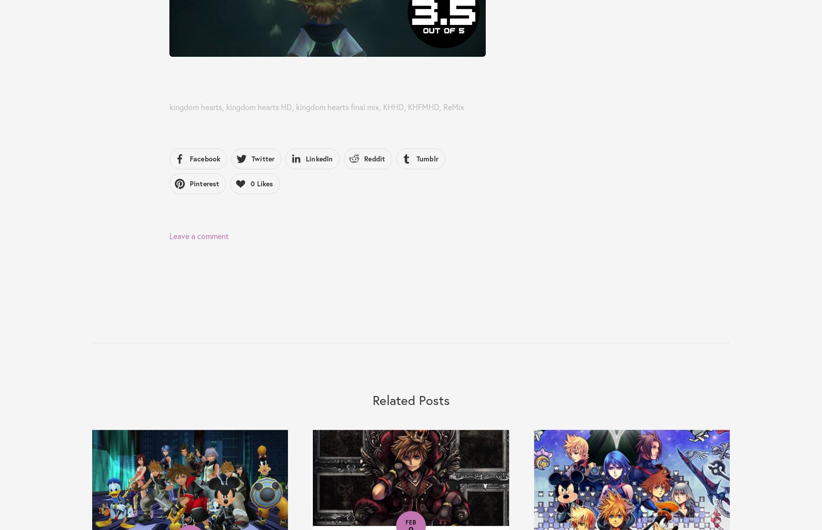 The height and width of the screenshot is (530, 822). What do you see at coordinates (371, 399) in the screenshot?
I see `'Related Posts'` at bounding box center [371, 399].